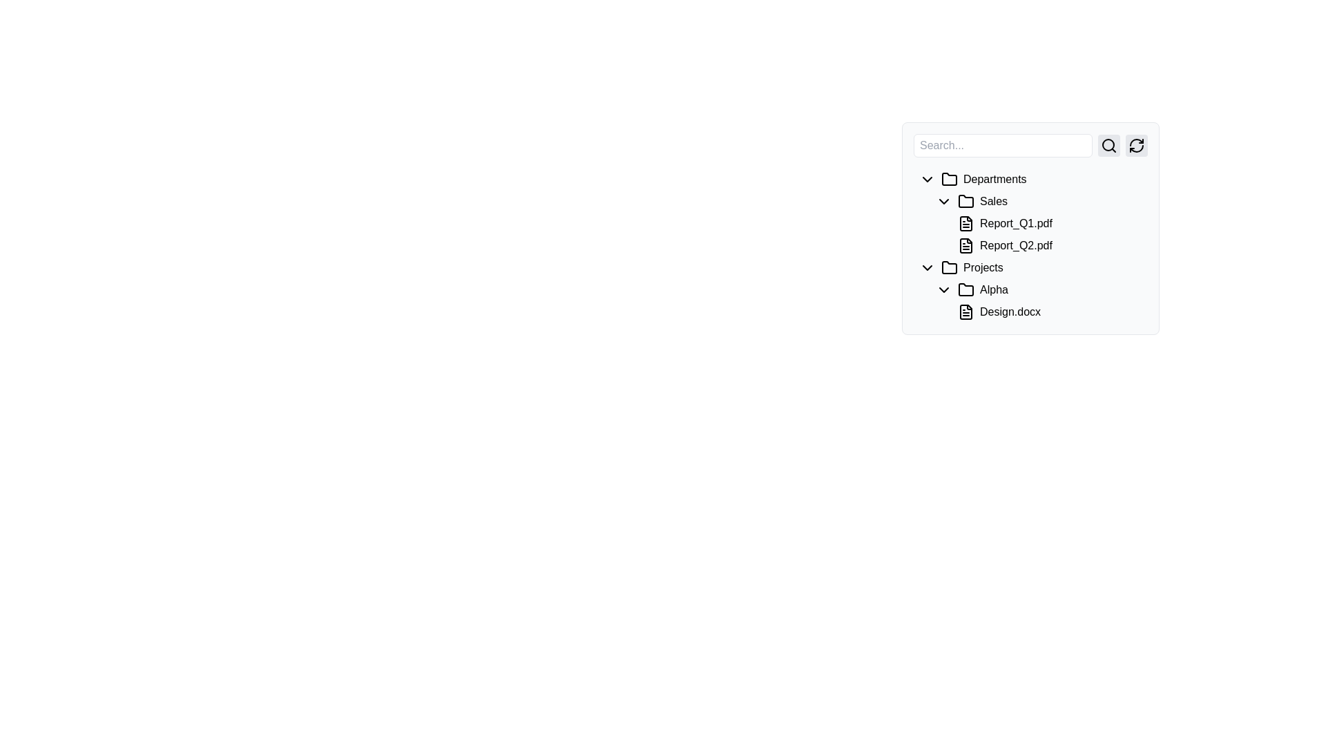 The width and height of the screenshot is (1326, 746). I want to click on the refresh button located in the top-right corner of the sidebar panel, adjacent to the search bar and following the magnifying glass icon, to refresh the content, so click(1137, 146).